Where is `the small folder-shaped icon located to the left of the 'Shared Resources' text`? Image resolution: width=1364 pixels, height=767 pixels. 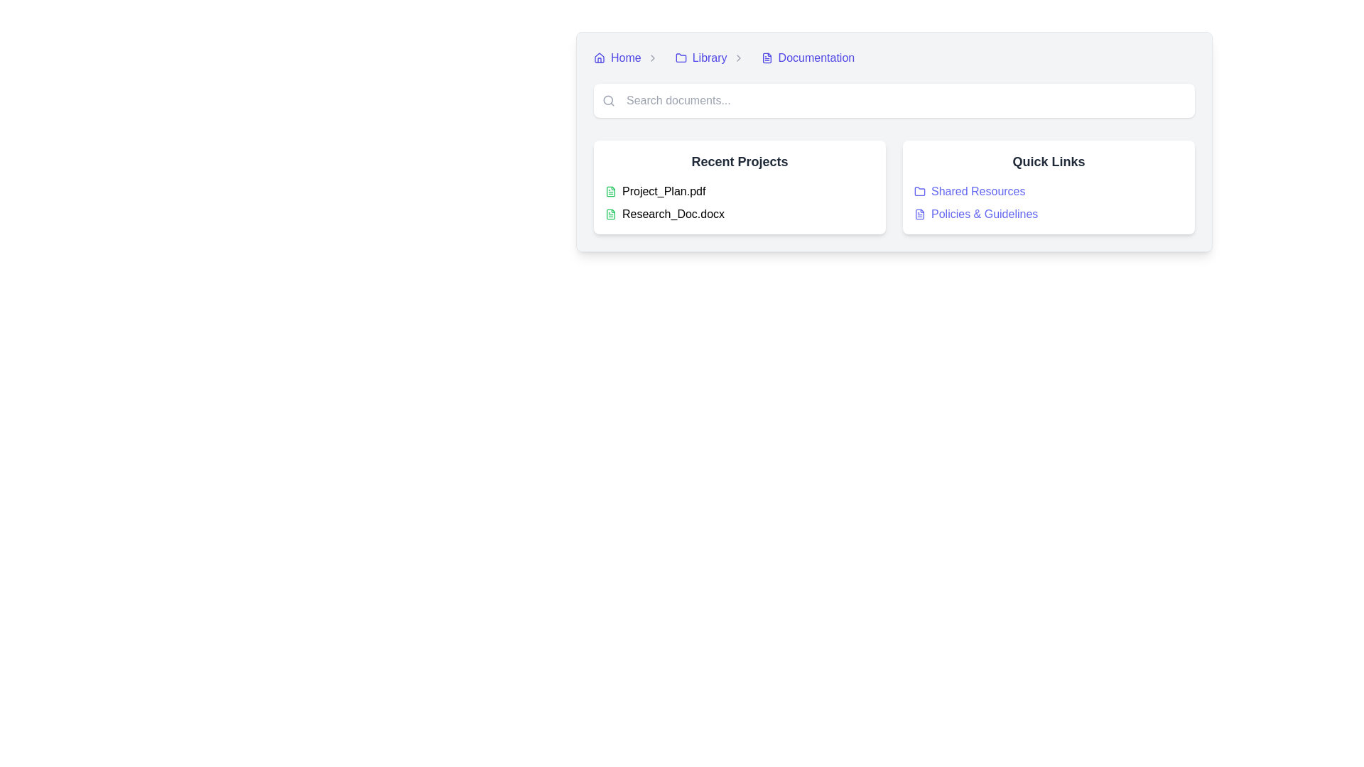 the small folder-shaped icon located to the left of the 'Shared Resources' text is located at coordinates (920, 192).